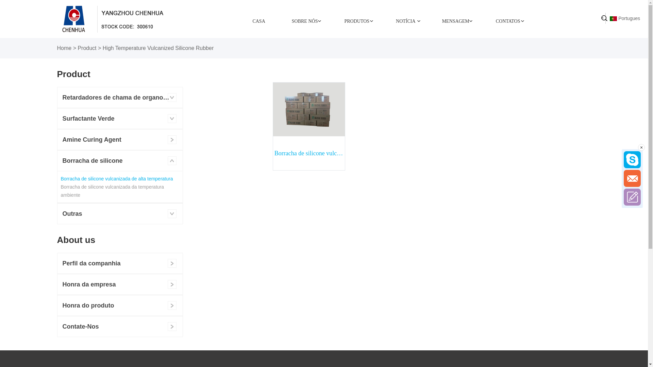 The width and height of the screenshot is (653, 367). I want to click on 'High Temperature Vulcanized Silicone Rubber', so click(158, 48).